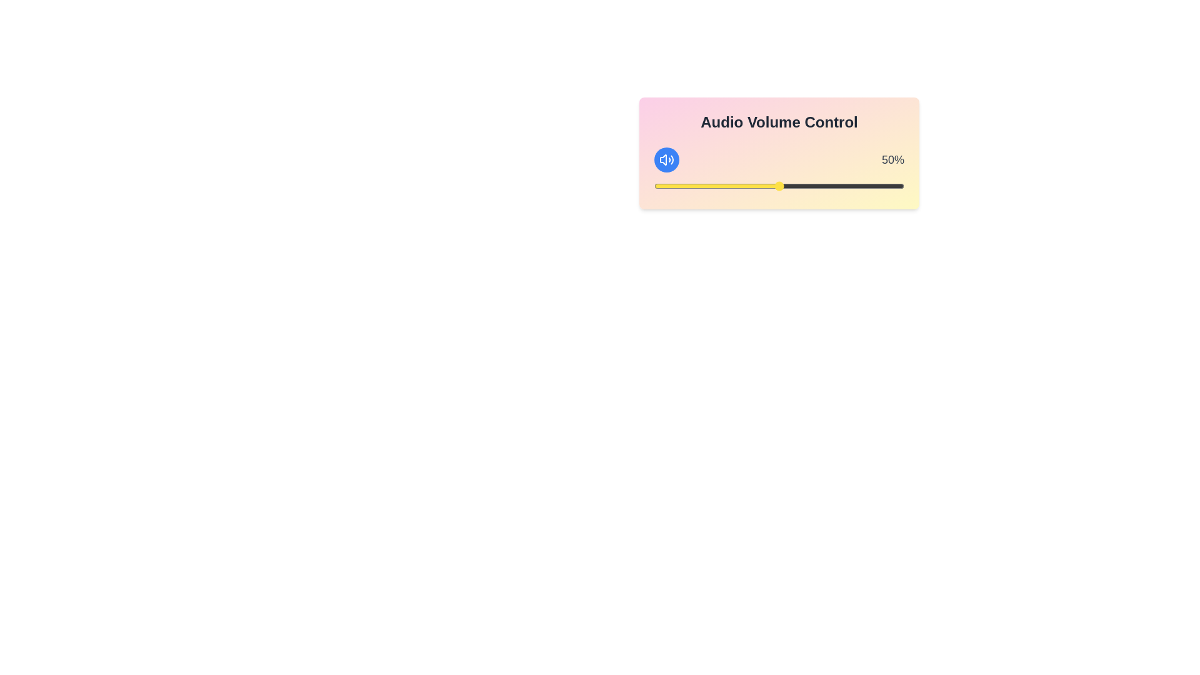 The image size is (1200, 675). Describe the element at coordinates (779, 186) in the screenshot. I see `the volume to 50% by dragging the slider` at that location.